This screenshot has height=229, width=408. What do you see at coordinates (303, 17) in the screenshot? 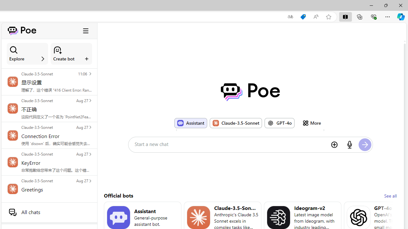
I see `'This site has coupons! Shopping in Microsoft Edge'` at bounding box center [303, 17].